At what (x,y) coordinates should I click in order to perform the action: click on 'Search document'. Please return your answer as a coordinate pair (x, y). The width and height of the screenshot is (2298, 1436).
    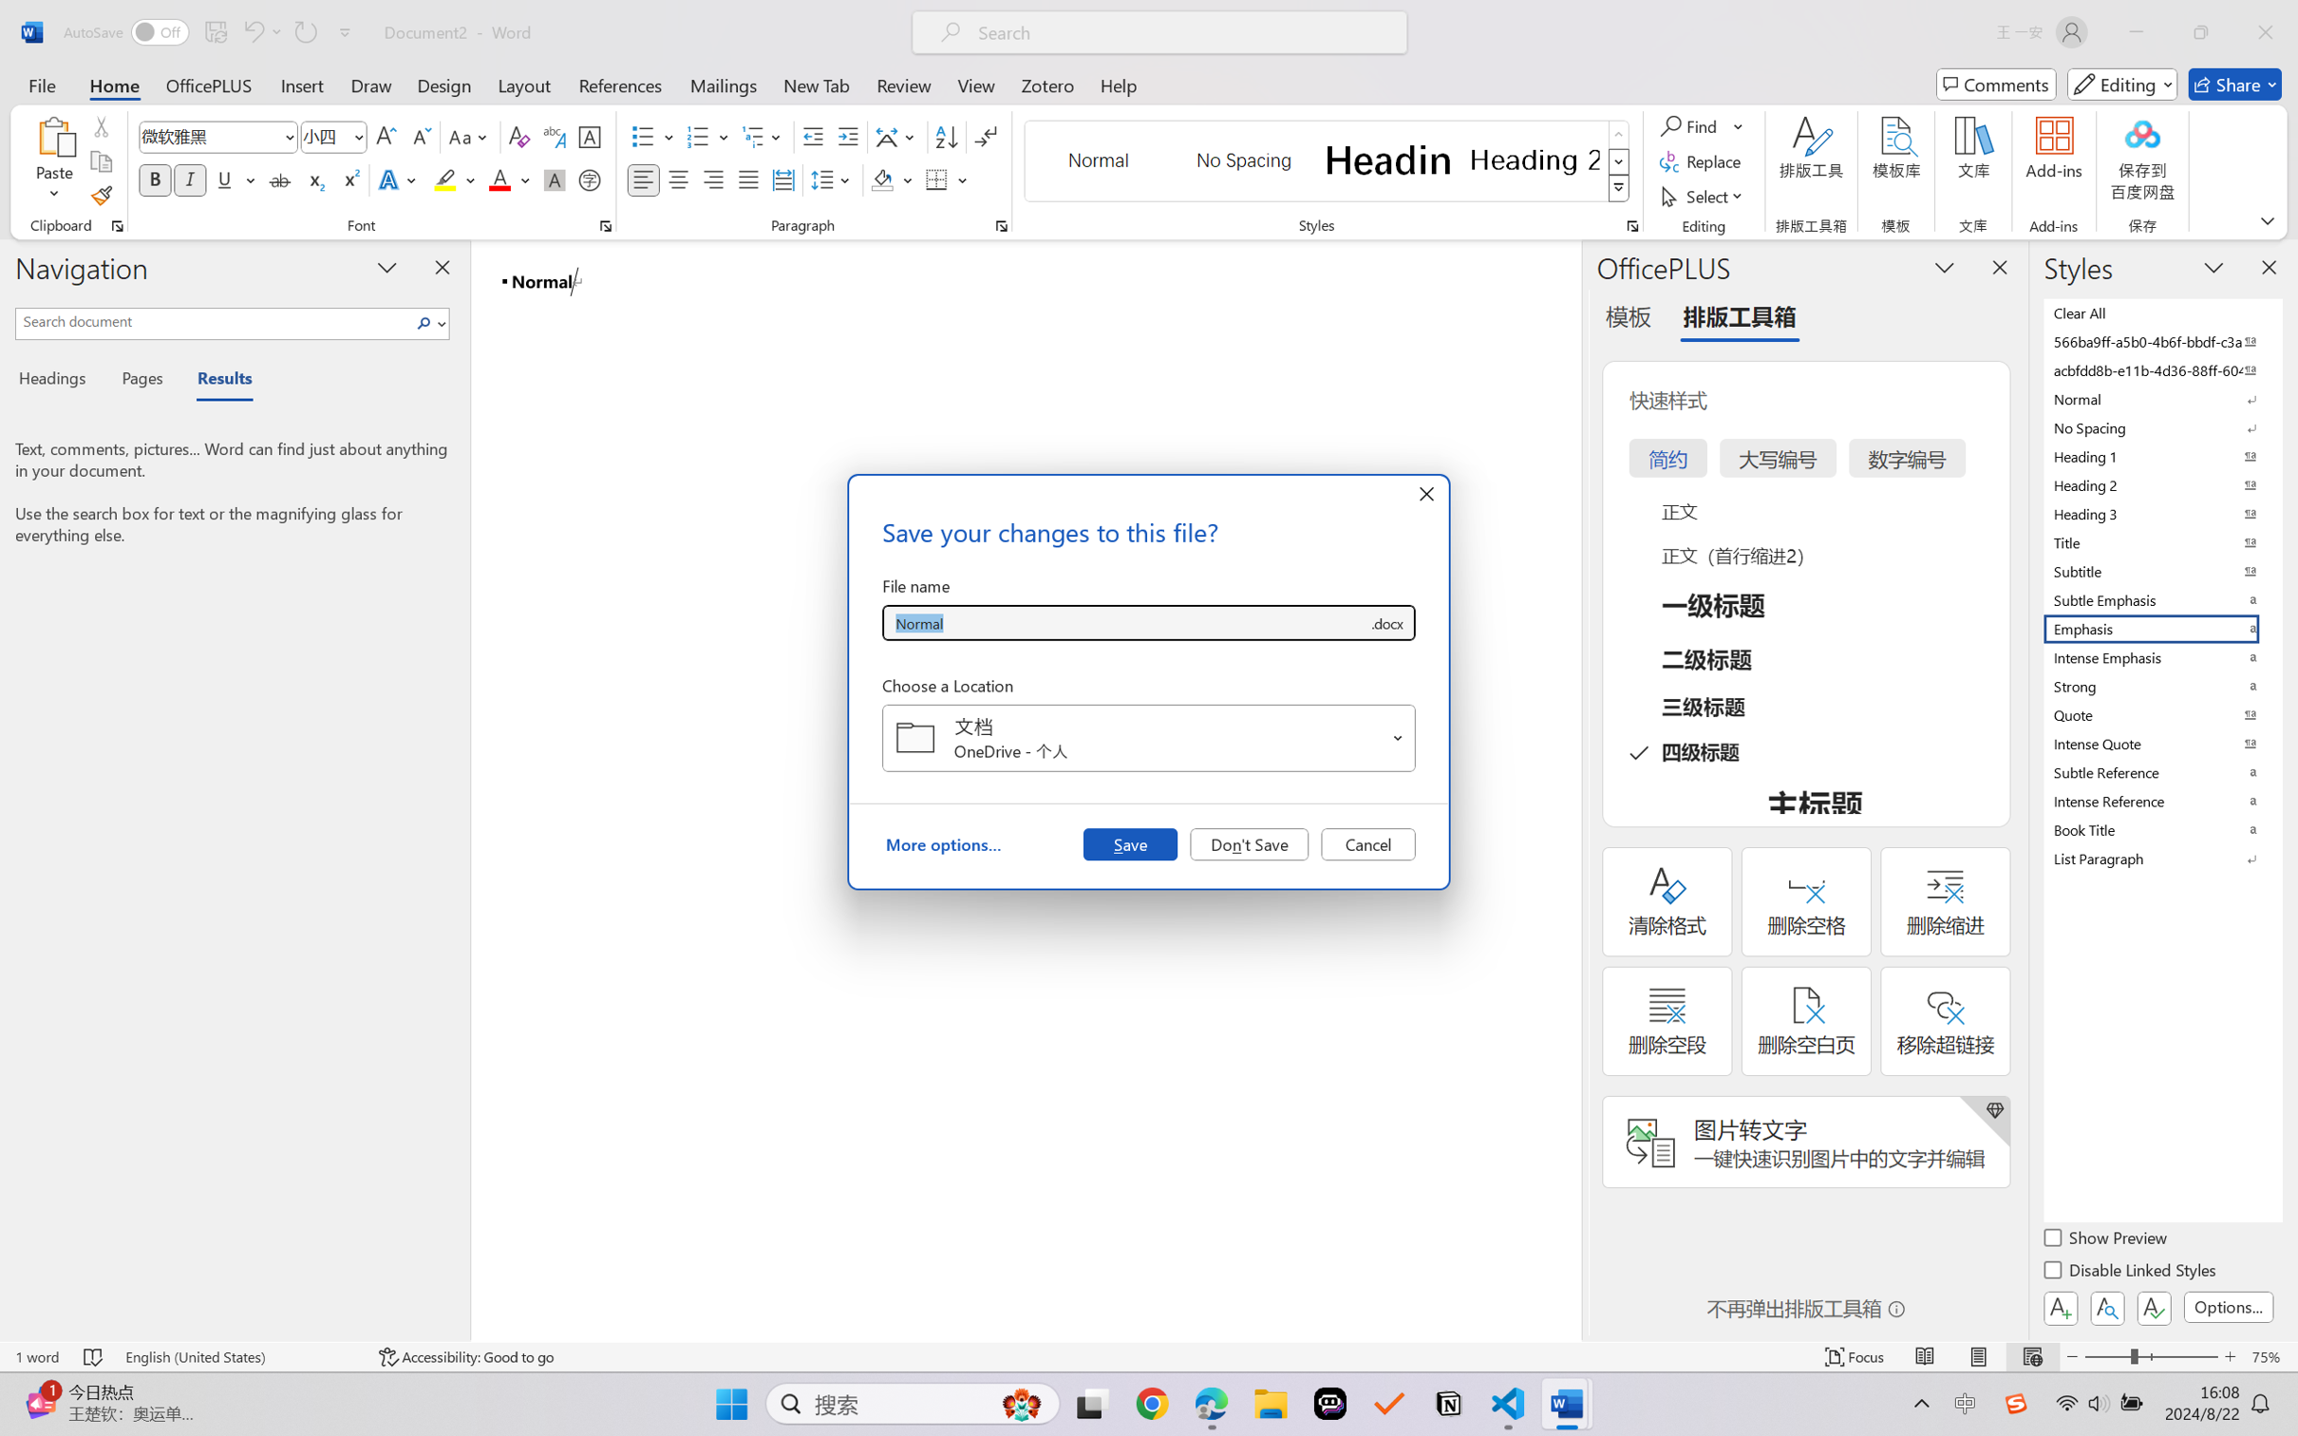
    Looking at the image, I should click on (214, 320).